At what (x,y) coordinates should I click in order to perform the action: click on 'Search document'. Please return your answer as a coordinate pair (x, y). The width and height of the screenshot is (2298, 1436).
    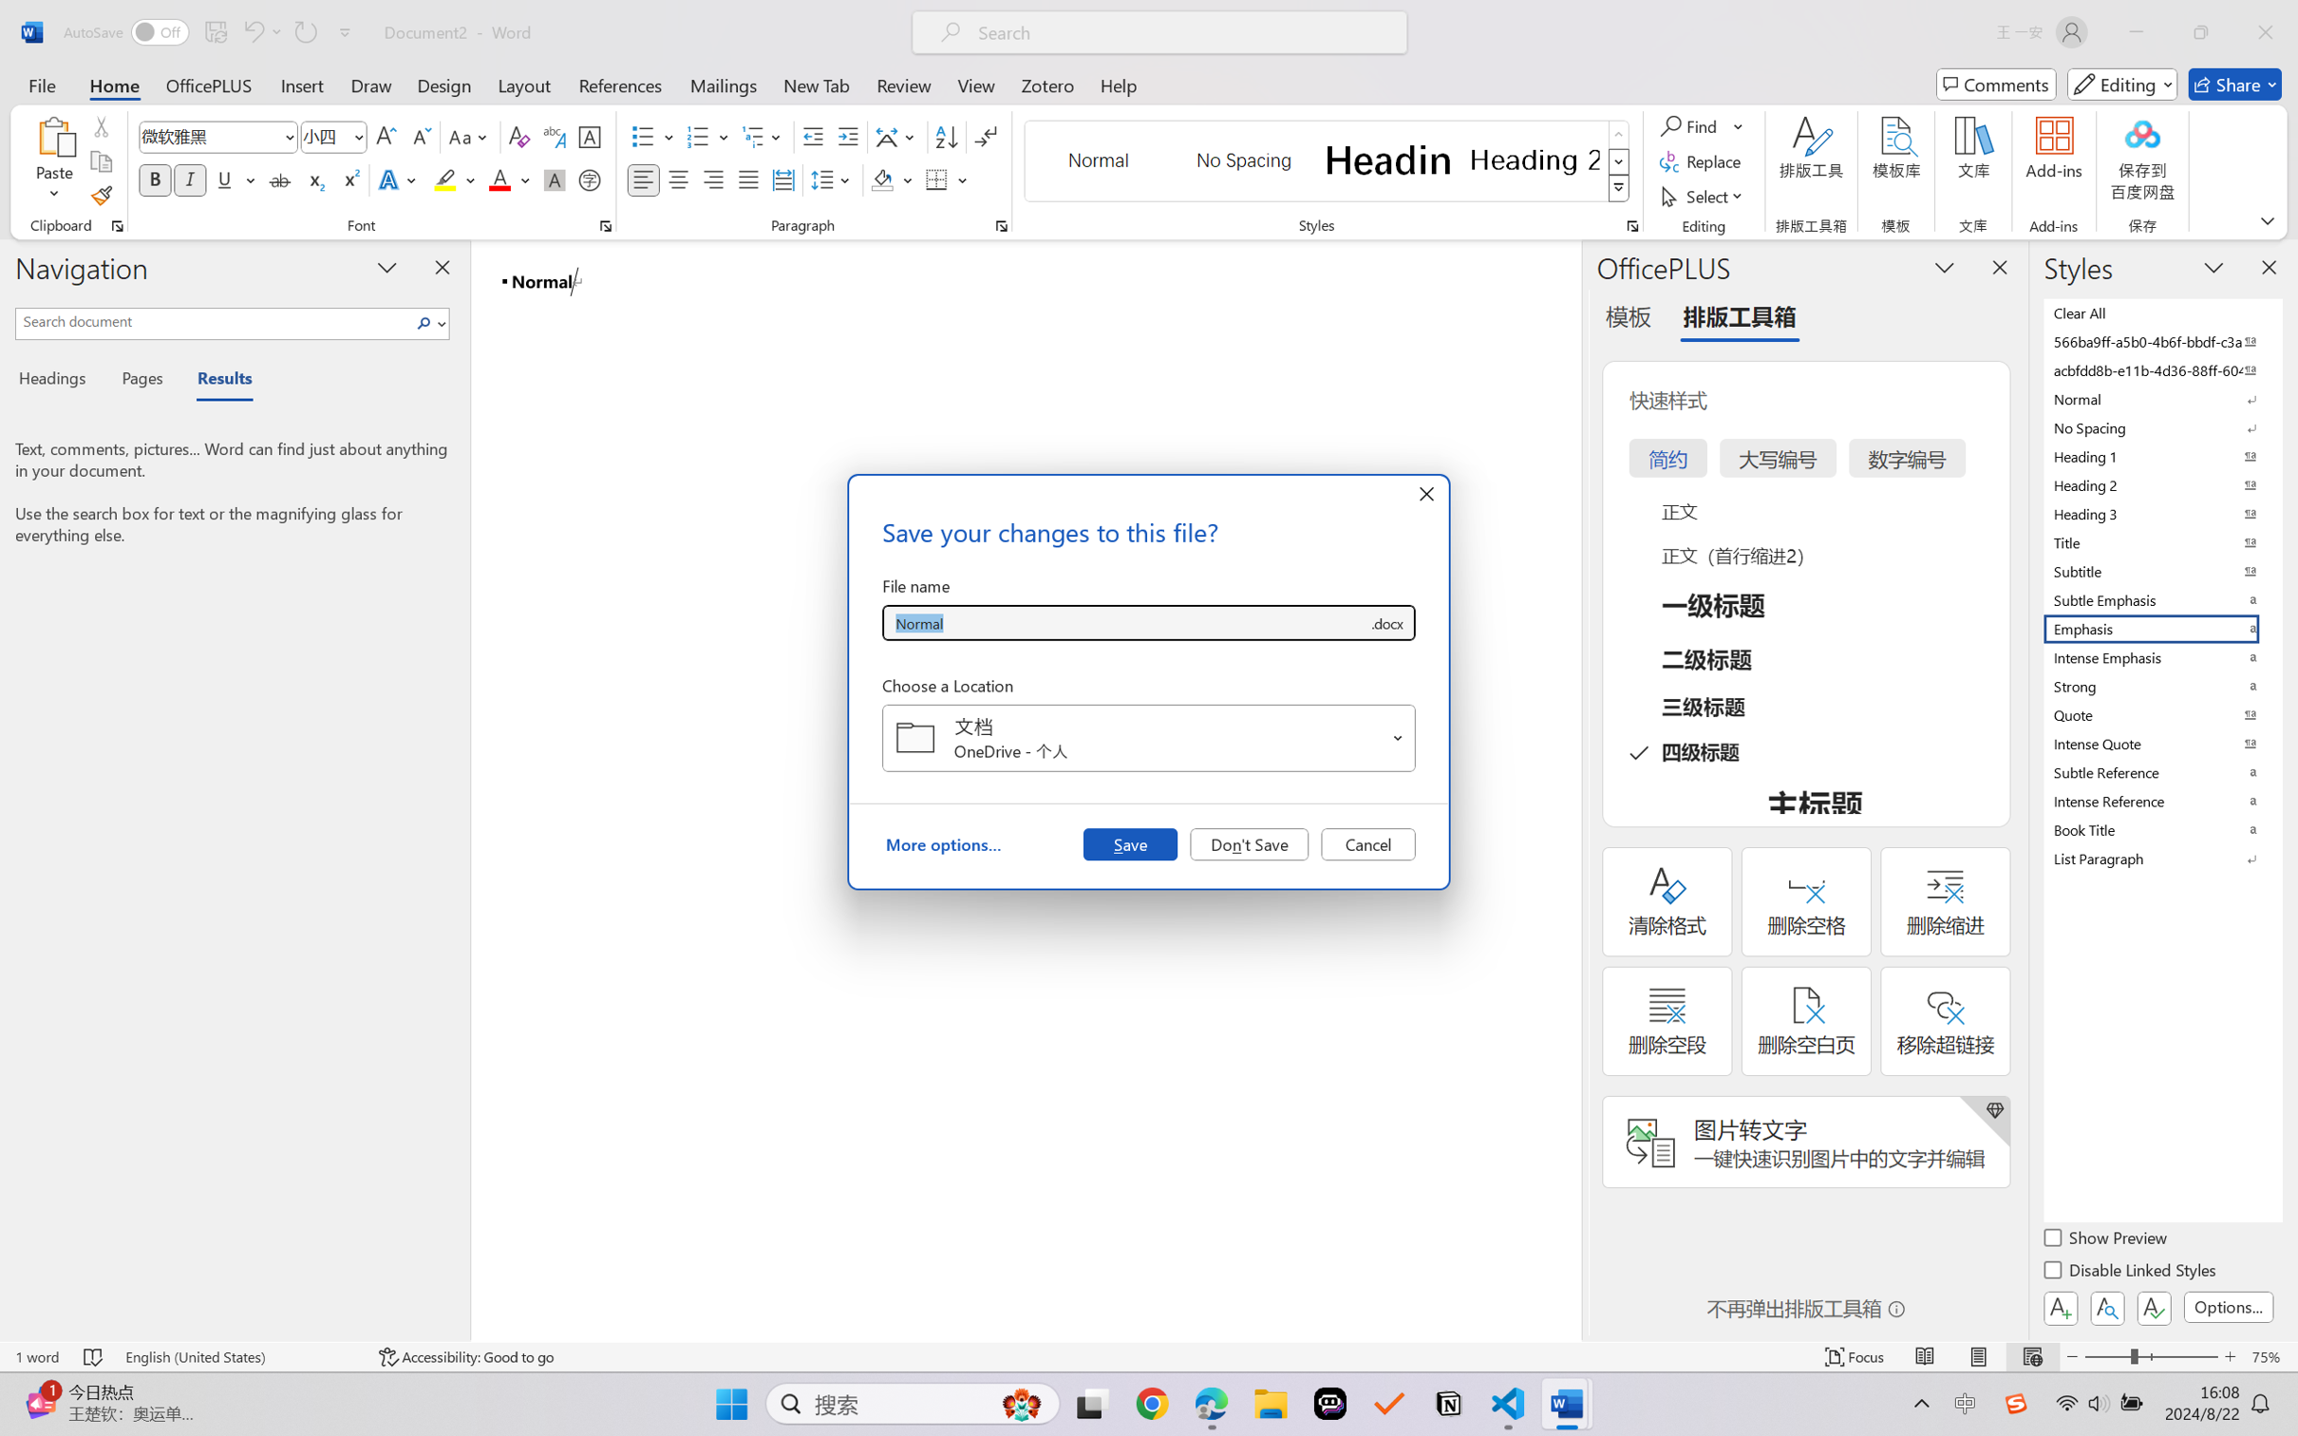
    Looking at the image, I should click on (214, 320).